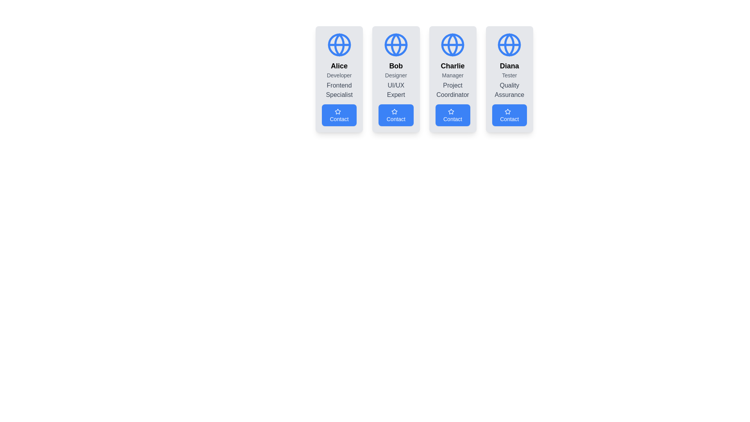 This screenshot has height=422, width=750. I want to click on the decorative globe icon located at the top of Bob's card, which symbolizes a worldwide theme and is centered in the second column above his name, so click(396, 45).